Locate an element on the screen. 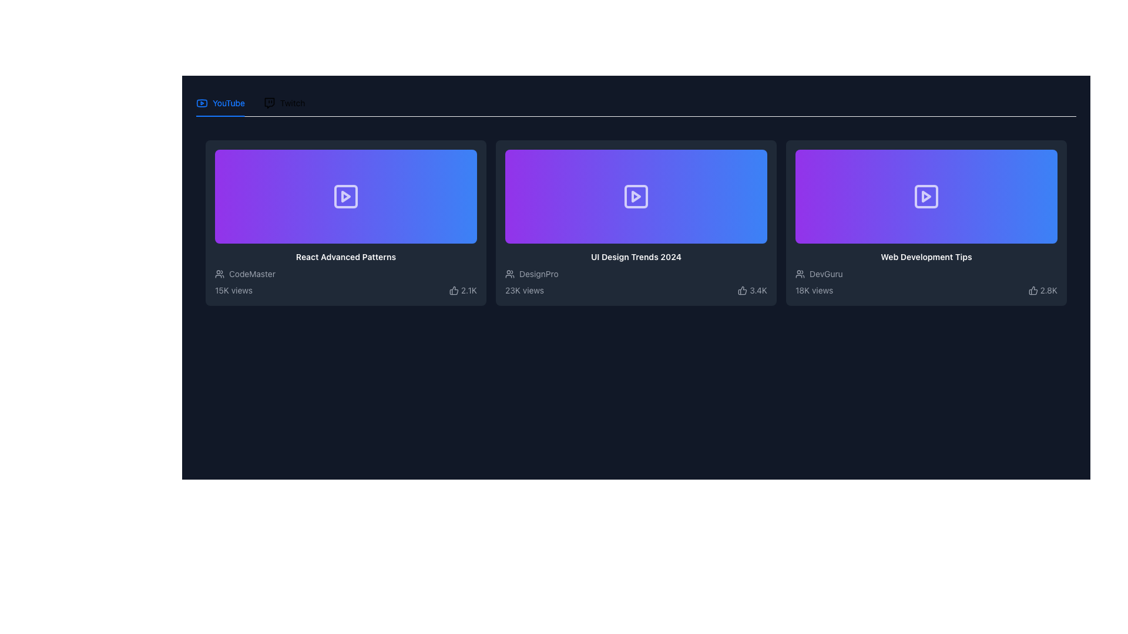  the play video icon located in the top-left video card of the interface, specifically within the 'React Advanced Patterns' card is located at coordinates (345, 196).